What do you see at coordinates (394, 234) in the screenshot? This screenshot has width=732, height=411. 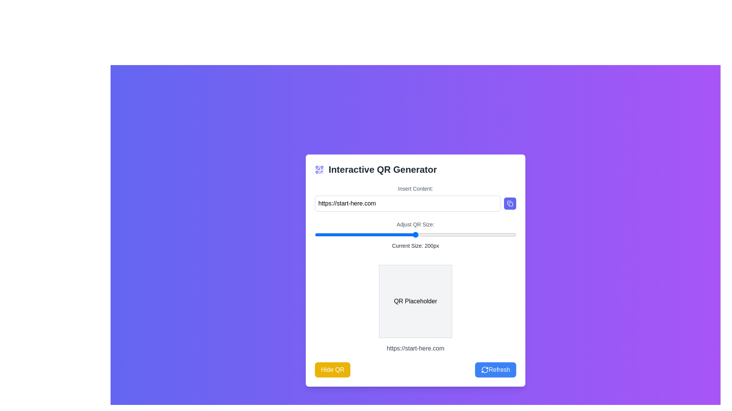 I see `the QR code size` at bounding box center [394, 234].